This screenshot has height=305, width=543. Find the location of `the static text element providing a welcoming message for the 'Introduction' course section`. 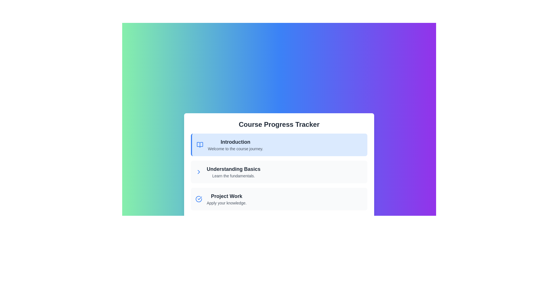

the static text element providing a welcoming message for the 'Introduction' course section is located at coordinates (235, 149).